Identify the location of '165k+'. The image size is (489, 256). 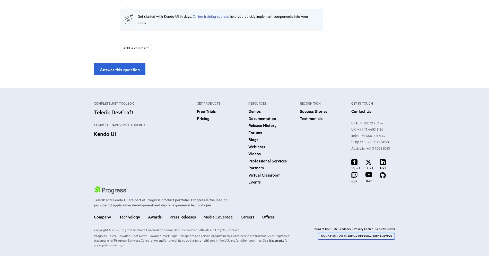
(356, 167).